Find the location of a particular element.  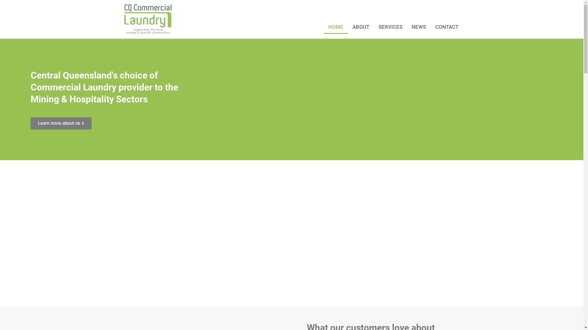

'Learn more about us' is located at coordinates (61, 123).